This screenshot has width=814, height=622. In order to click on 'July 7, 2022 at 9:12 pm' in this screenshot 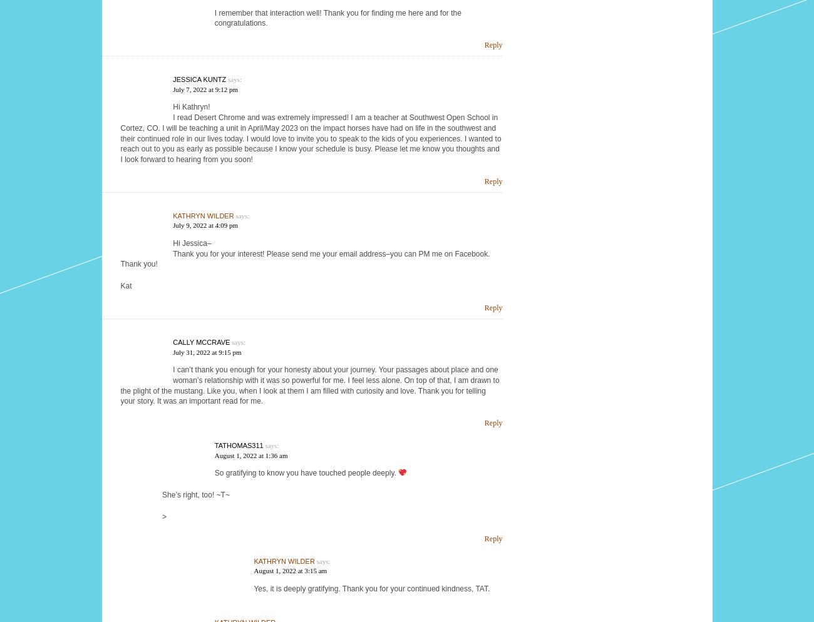, I will do `click(204, 89)`.